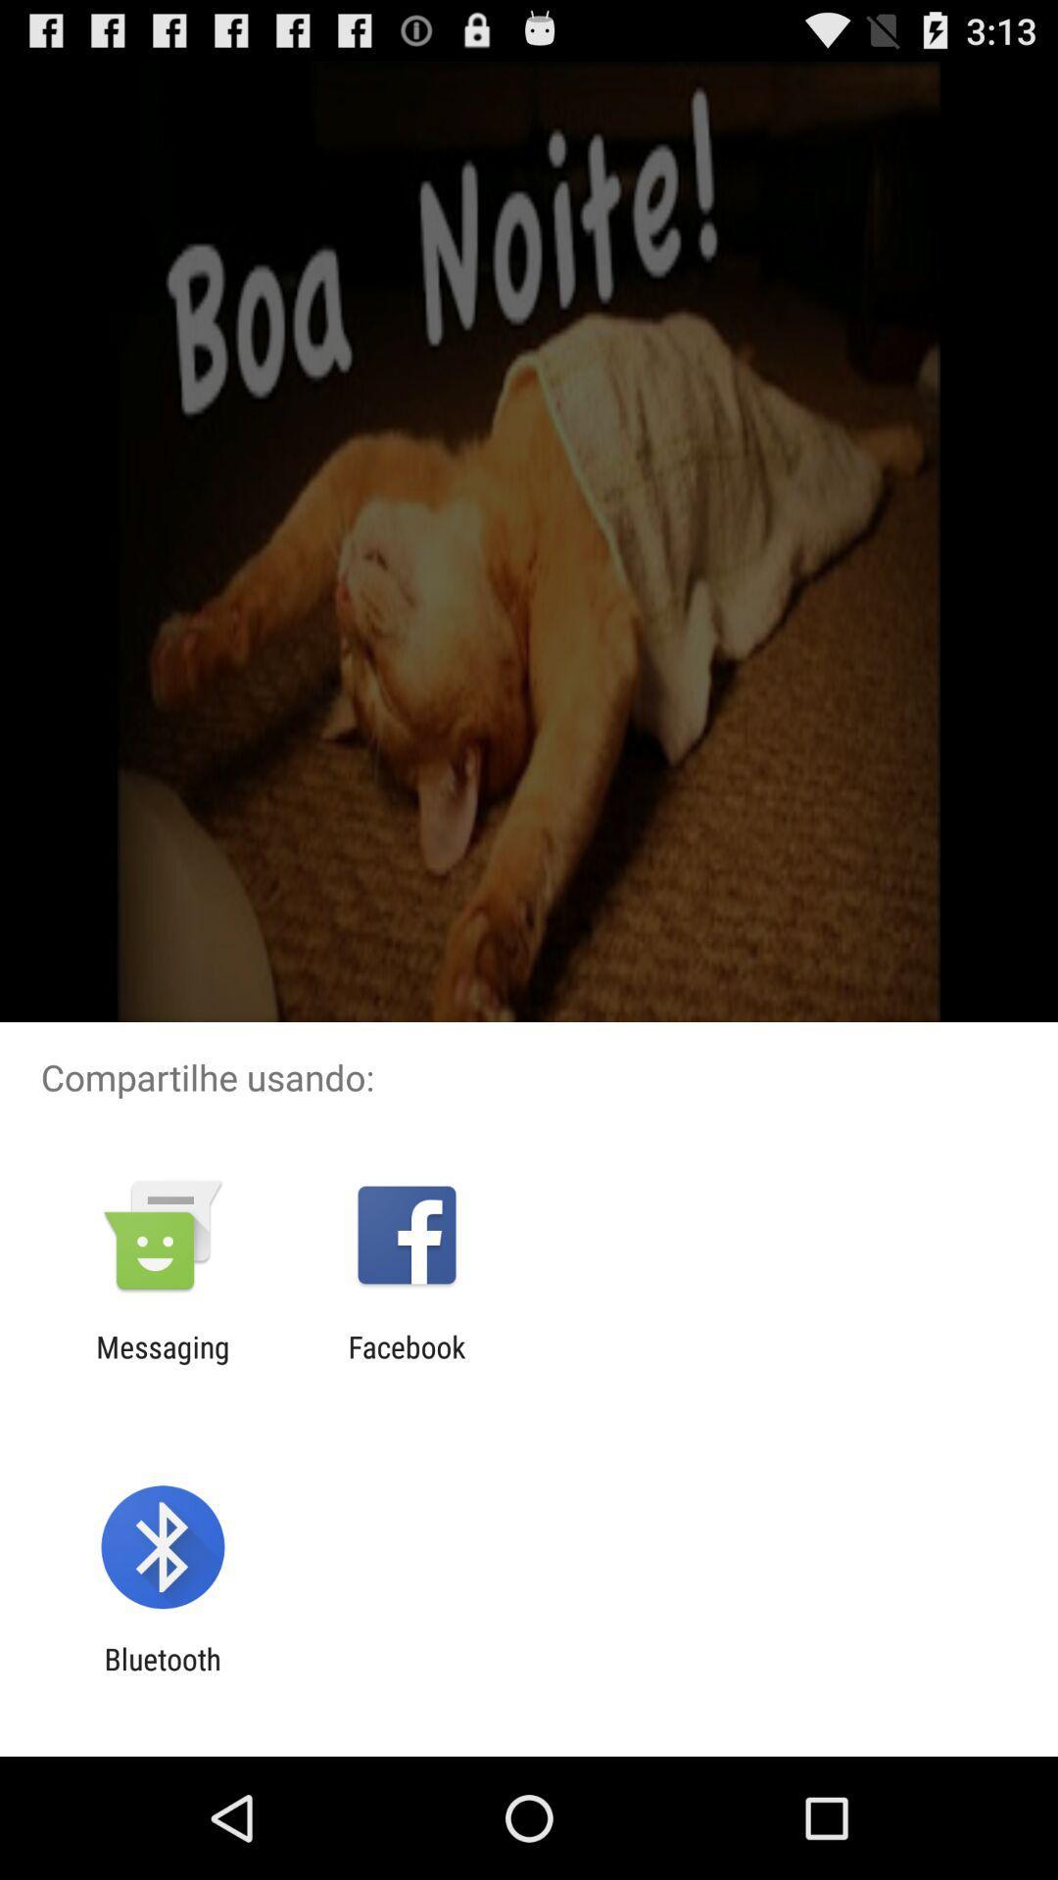 The height and width of the screenshot is (1880, 1058). What do you see at coordinates (406, 1363) in the screenshot?
I see `app next to the messaging item` at bounding box center [406, 1363].